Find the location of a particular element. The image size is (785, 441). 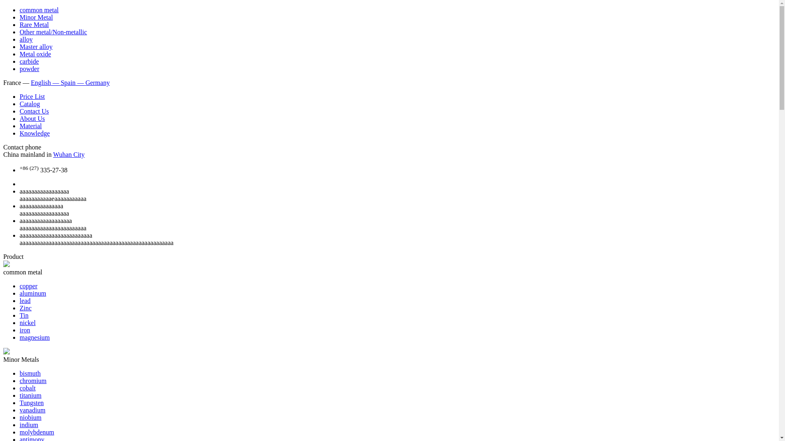

'Tungsten' is located at coordinates (20, 402).